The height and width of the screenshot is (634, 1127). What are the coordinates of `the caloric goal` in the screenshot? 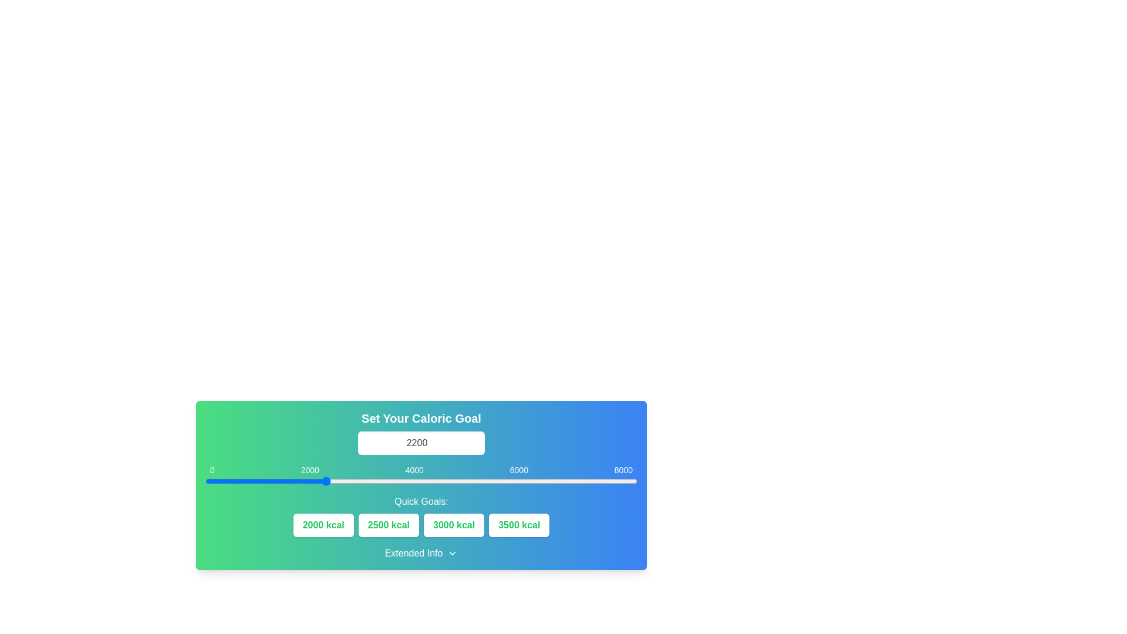 It's located at (626, 481).